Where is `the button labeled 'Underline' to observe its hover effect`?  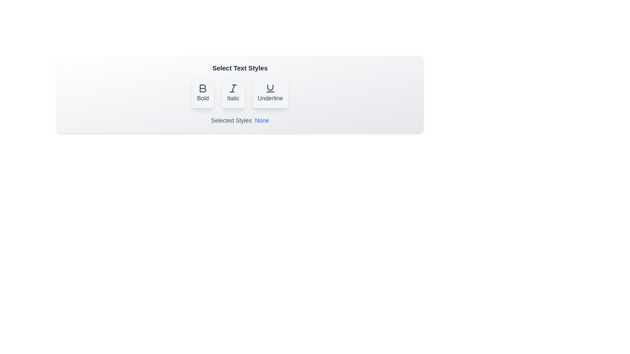
the button labeled 'Underline' to observe its hover effect is located at coordinates (270, 93).